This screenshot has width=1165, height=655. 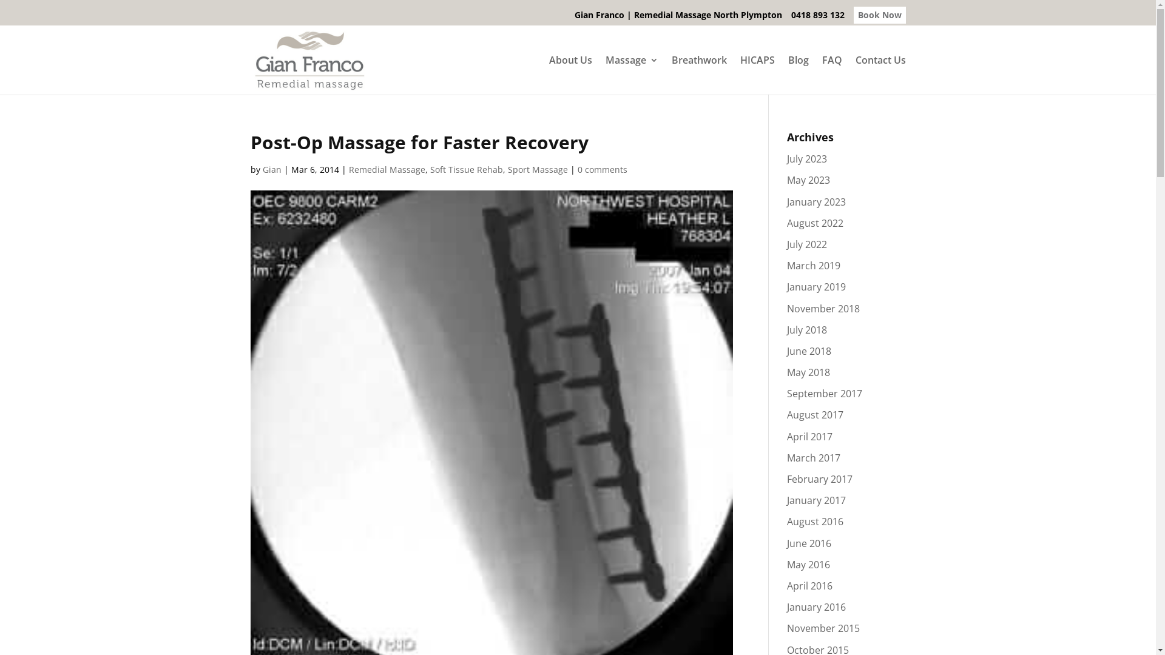 What do you see at coordinates (786, 437) in the screenshot?
I see `'April 2017'` at bounding box center [786, 437].